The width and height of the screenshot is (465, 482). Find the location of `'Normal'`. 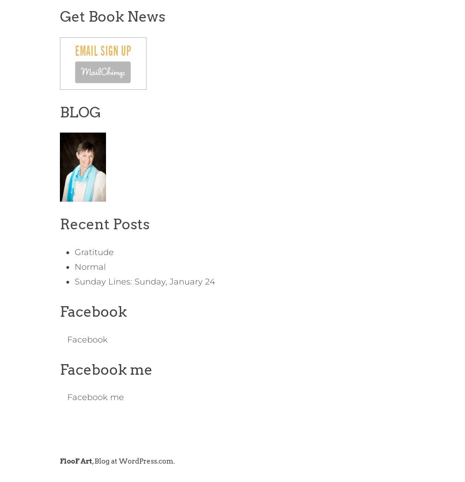

'Normal' is located at coordinates (89, 267).